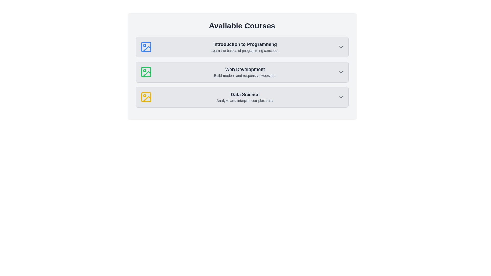 The image size is (491, 276). What do you see at coordinates (245, 47) in the screenshot?
I see `informational text block titled 'Introduction to Programming', which contains a description and is located above the 'Web Development' course` at bounding box center [245, 47].